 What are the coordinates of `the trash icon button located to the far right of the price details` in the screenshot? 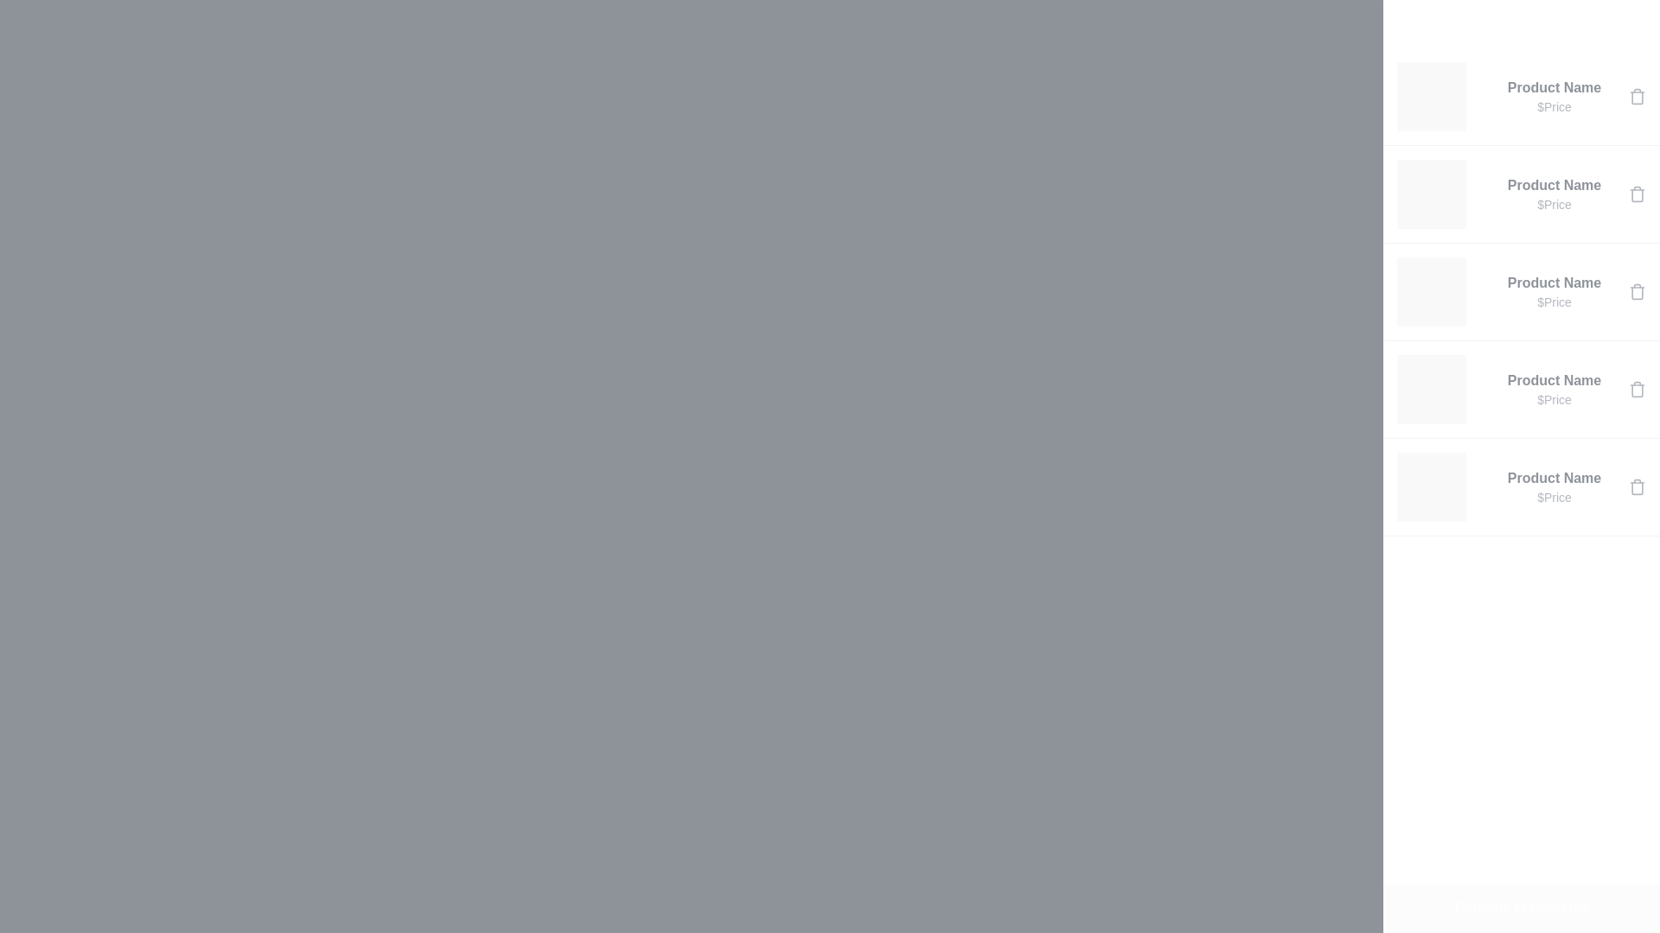 It's located at (1637, 291).